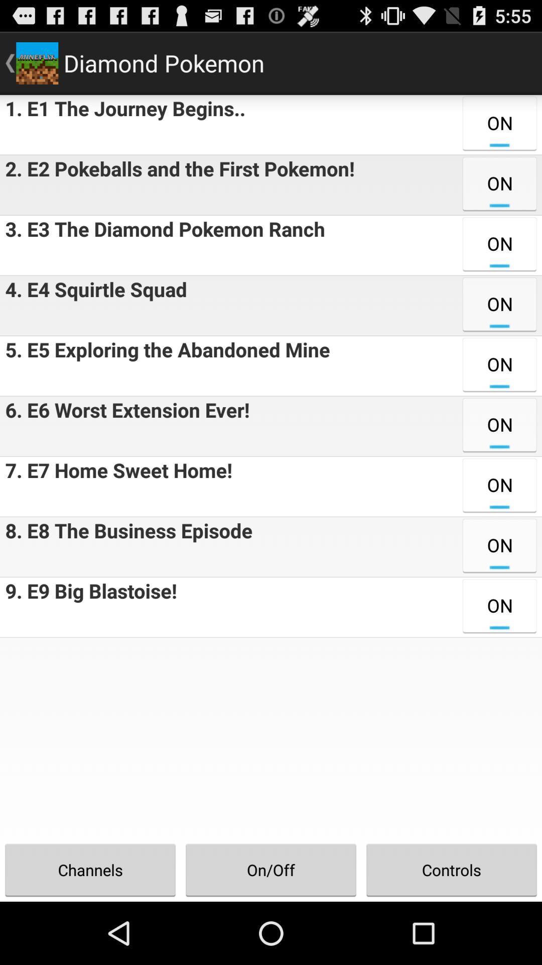 The height and width of the screenshot is (965, 542). I want to click on 1 e1 the icon, so click(122, 124).